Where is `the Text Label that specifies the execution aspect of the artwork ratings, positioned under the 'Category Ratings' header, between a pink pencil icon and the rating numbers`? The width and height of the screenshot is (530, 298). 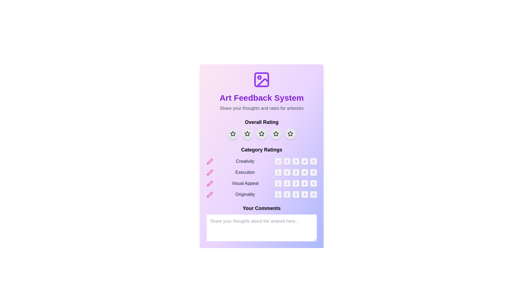
the Text Label that specifies the execution aspect of the artwork ratings, positioned under the 'Category Ratings' header, between a pink pencil icon and the rating numbers is located at coordinates (245, 172).